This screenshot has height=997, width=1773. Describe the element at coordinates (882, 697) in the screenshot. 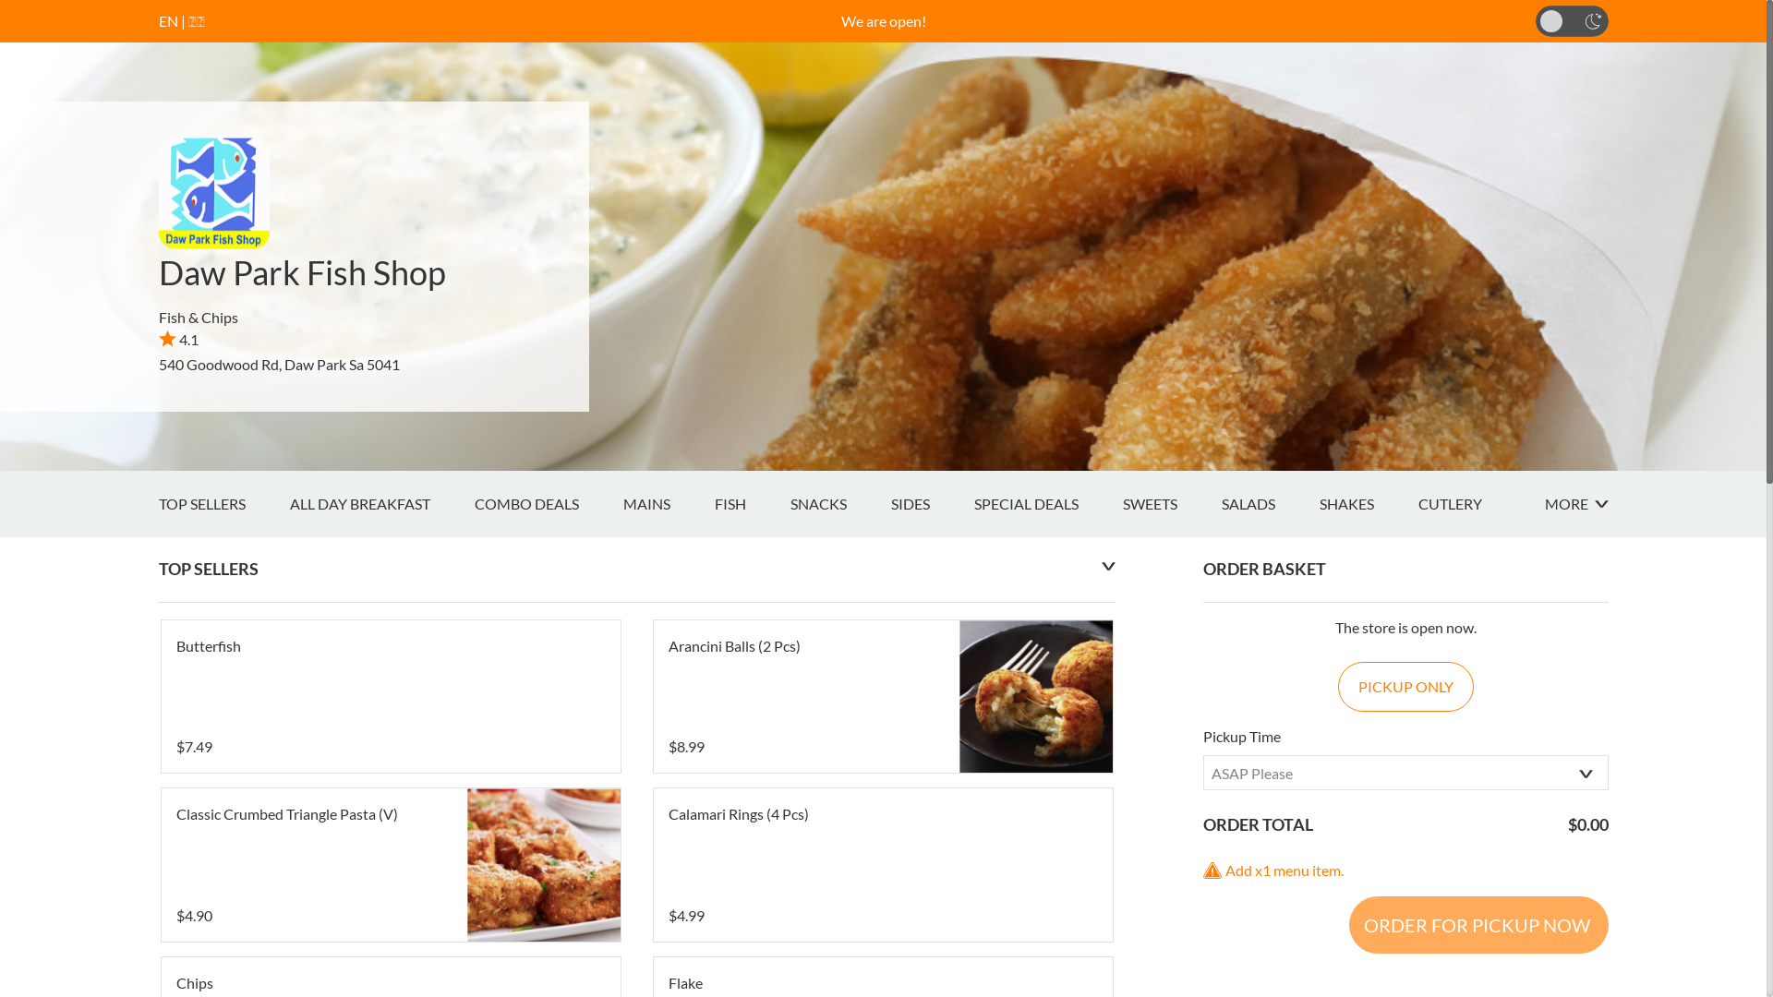

I see `'Arancini Balls (2 Pcs)` at that location.